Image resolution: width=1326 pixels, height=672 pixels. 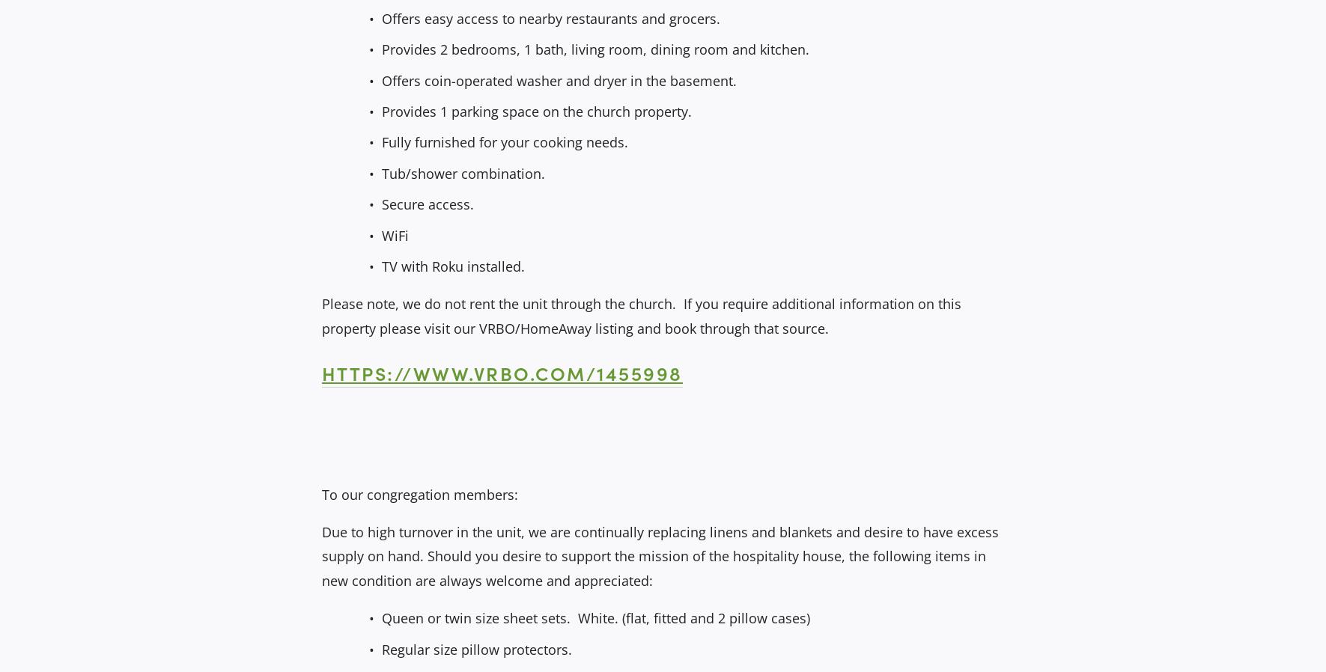 I want to click on 'TV with Roku installed.', so click(x=453, y=265).